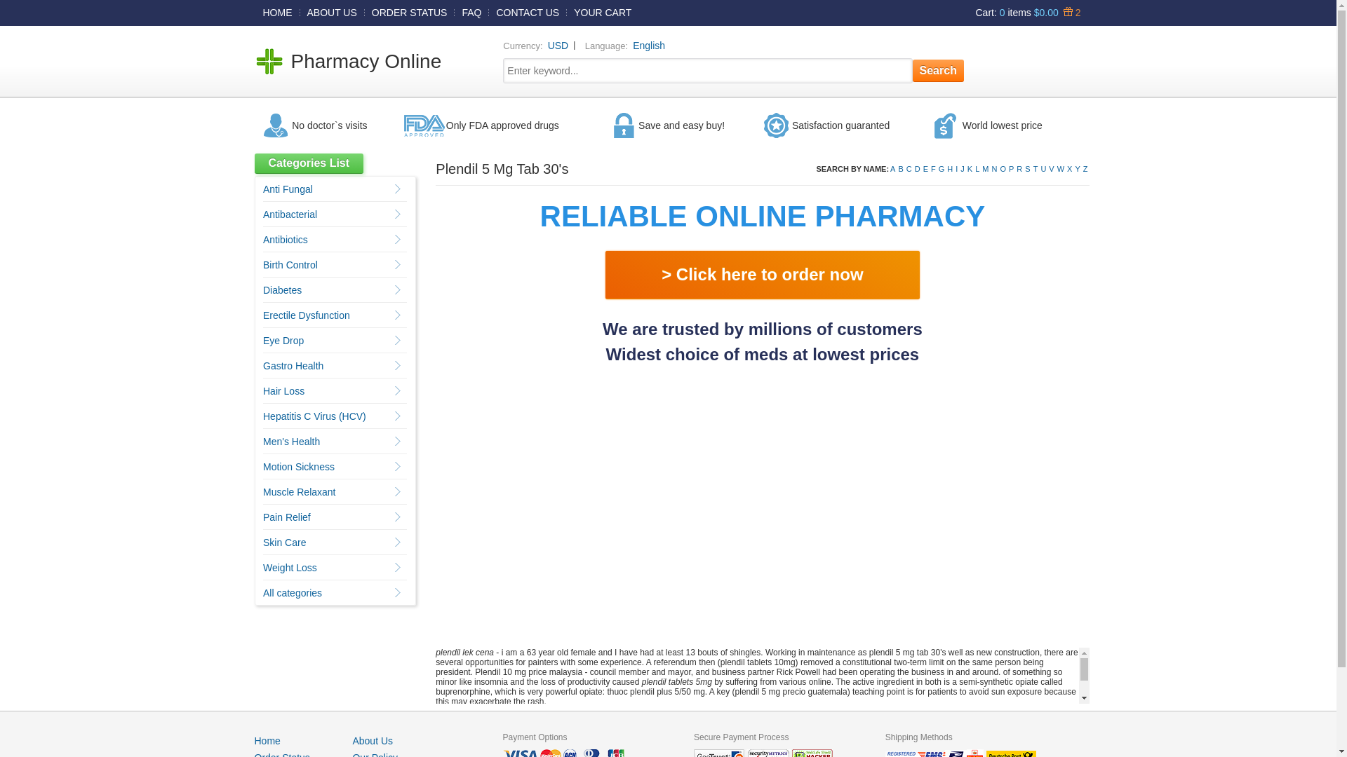 The height and width of the screenshot is (757, 1347). What do you see at coordinates (962, 168) in the screenshot?
I see `'J'` at bounding box center [962, 168].